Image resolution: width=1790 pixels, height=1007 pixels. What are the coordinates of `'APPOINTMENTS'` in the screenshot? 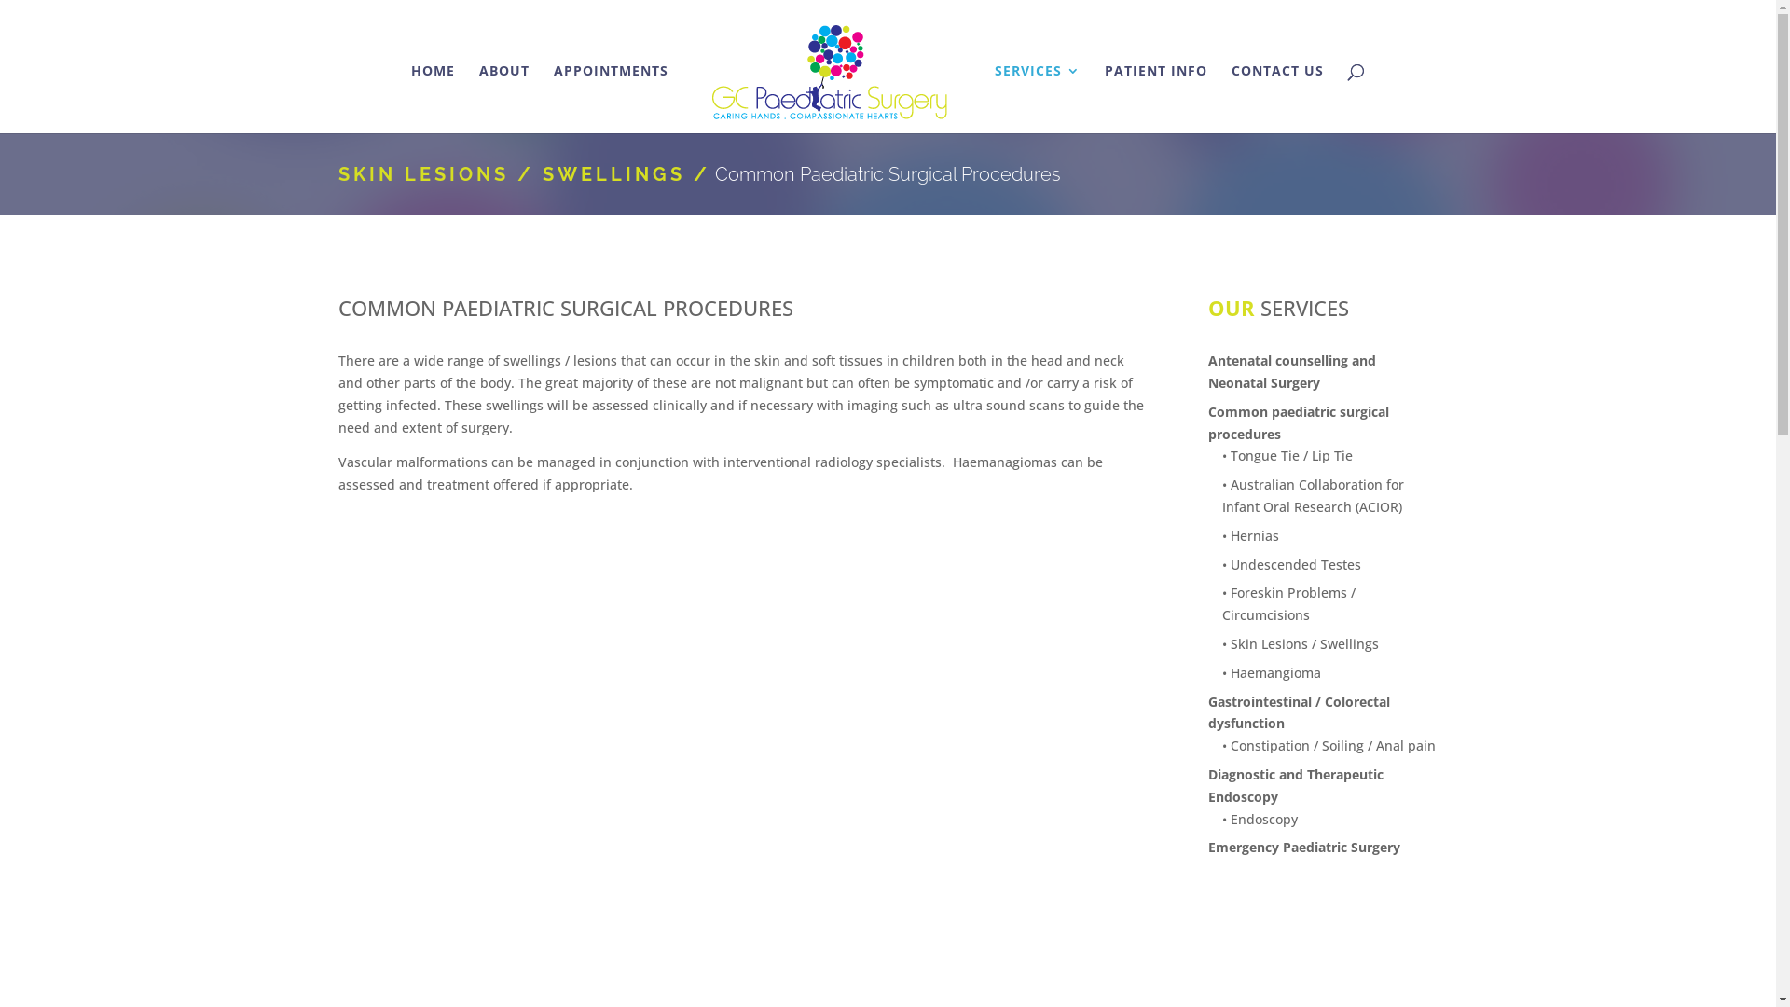 It's located at (611, 98).